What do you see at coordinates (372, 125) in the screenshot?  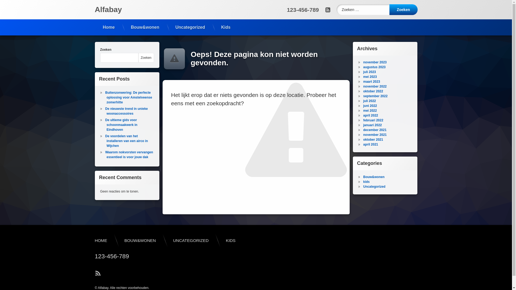 I see `'januari 2022'` at bounding box center [372, 125].